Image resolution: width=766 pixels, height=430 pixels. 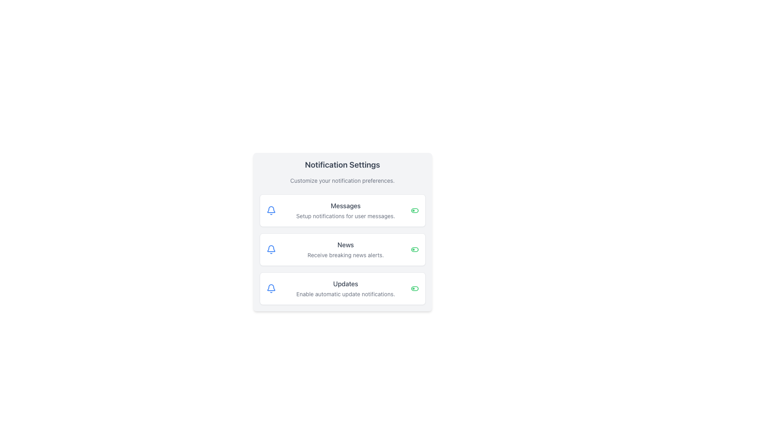 I want to click on descriptive text located in the lower portion of the 'Updates' section, beneath the heading 'Updates', so click(x=345, y=294).